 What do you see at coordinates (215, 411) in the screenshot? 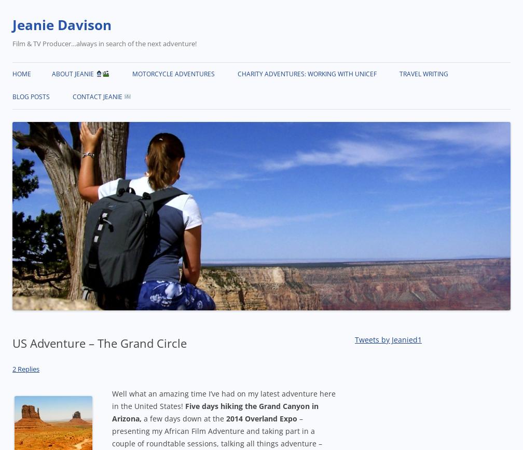
I see `'Five days hiking the Grand Canyon in Arizona,'` at bounding box center [215, 411].